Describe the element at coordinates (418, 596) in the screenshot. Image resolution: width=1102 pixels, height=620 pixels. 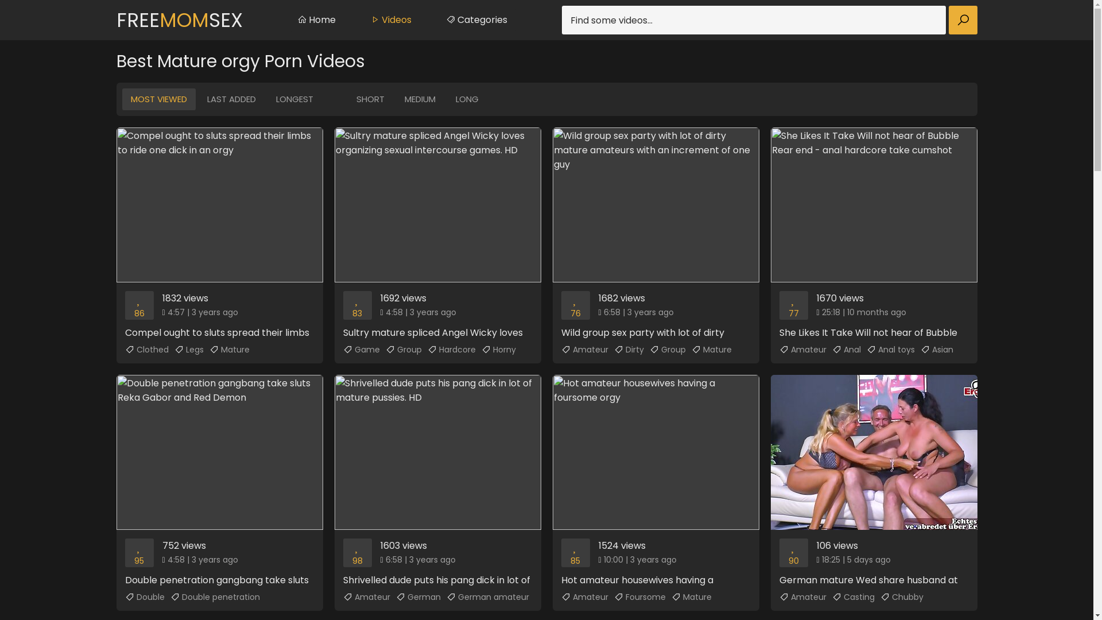
I see `'German'` at that location.